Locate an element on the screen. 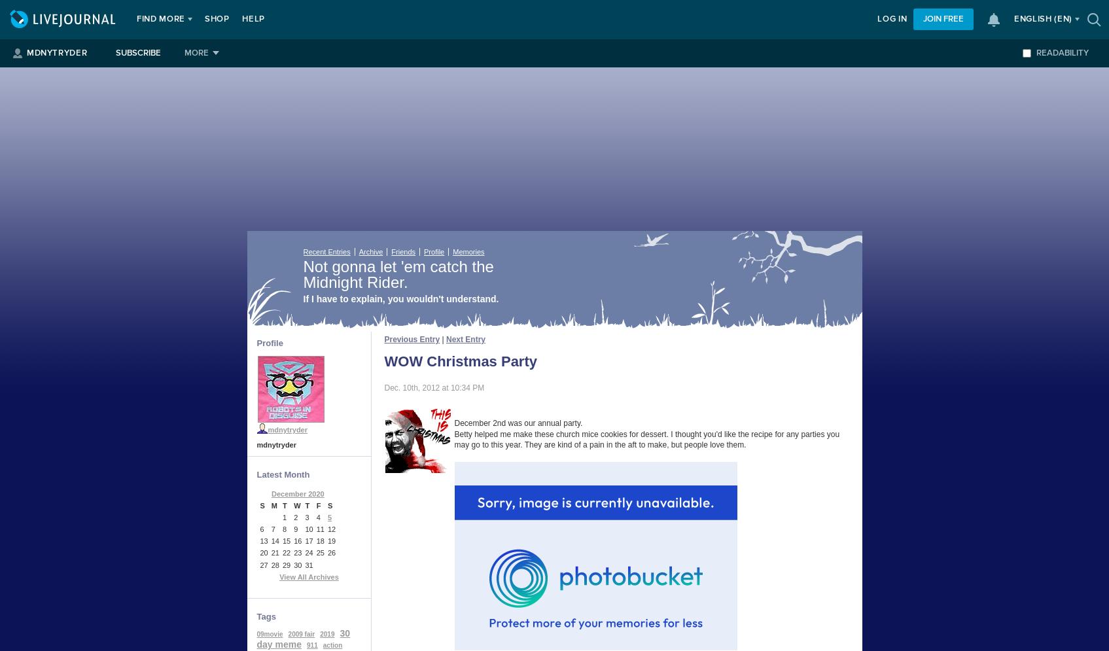 The width and height of the screenshot is (1109, 651). 'If I have to explain, you wouldn't understand.' is located at coordinates (400, 298).